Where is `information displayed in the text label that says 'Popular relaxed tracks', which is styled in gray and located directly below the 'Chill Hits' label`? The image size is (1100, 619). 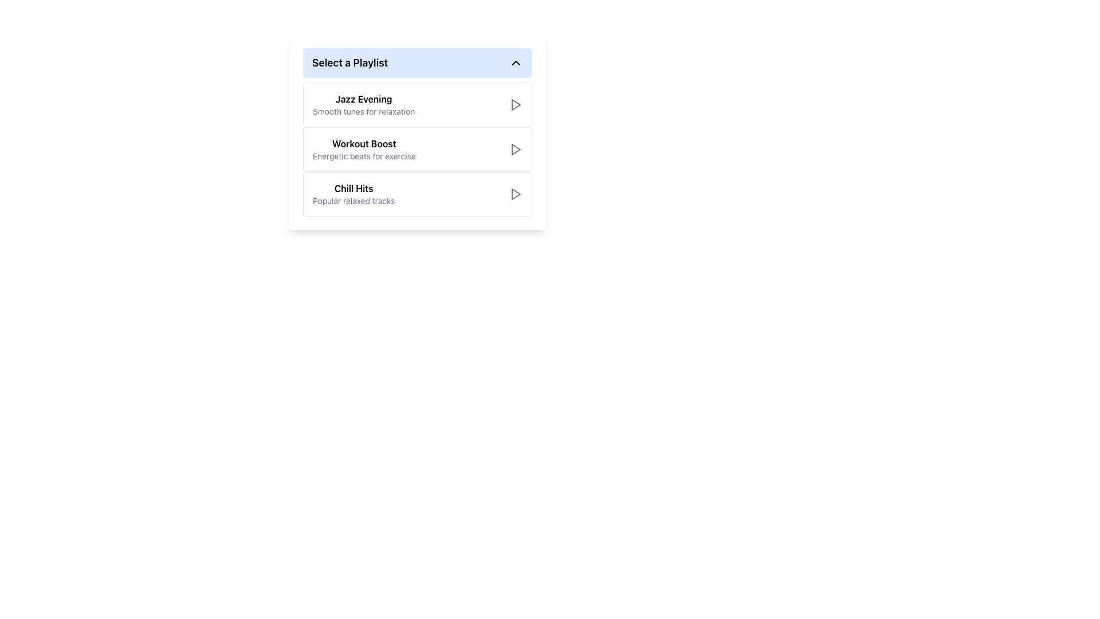 information displayed in the text label that says 'Popular relaxed tracks', which is styled in gray and located directly below the 'Chill Hits' label is located at coordinates (353, 201).